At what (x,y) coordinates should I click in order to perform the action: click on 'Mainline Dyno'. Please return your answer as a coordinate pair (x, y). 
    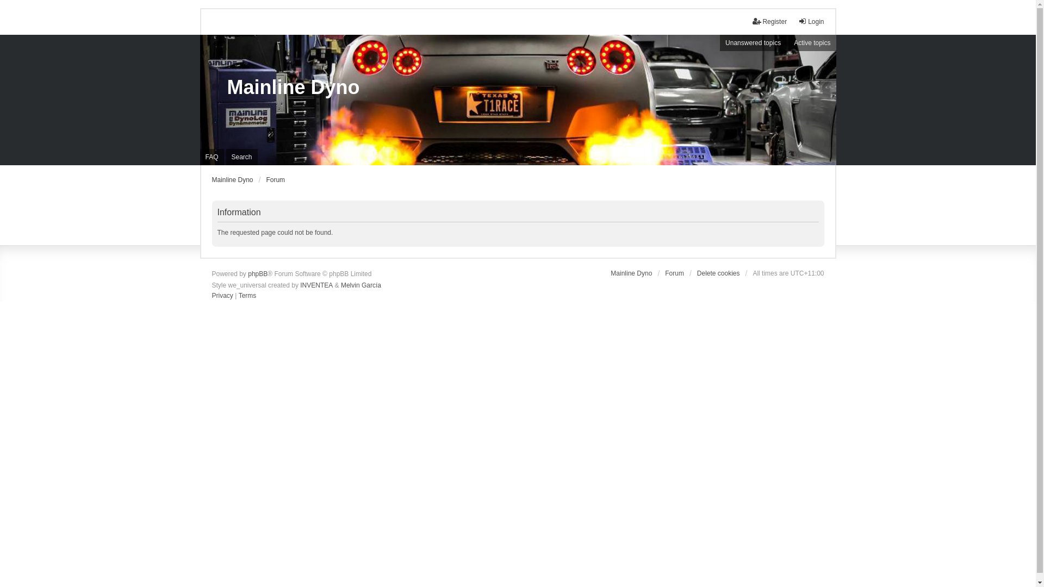
    Looking at the image, I should click on (232, 179).